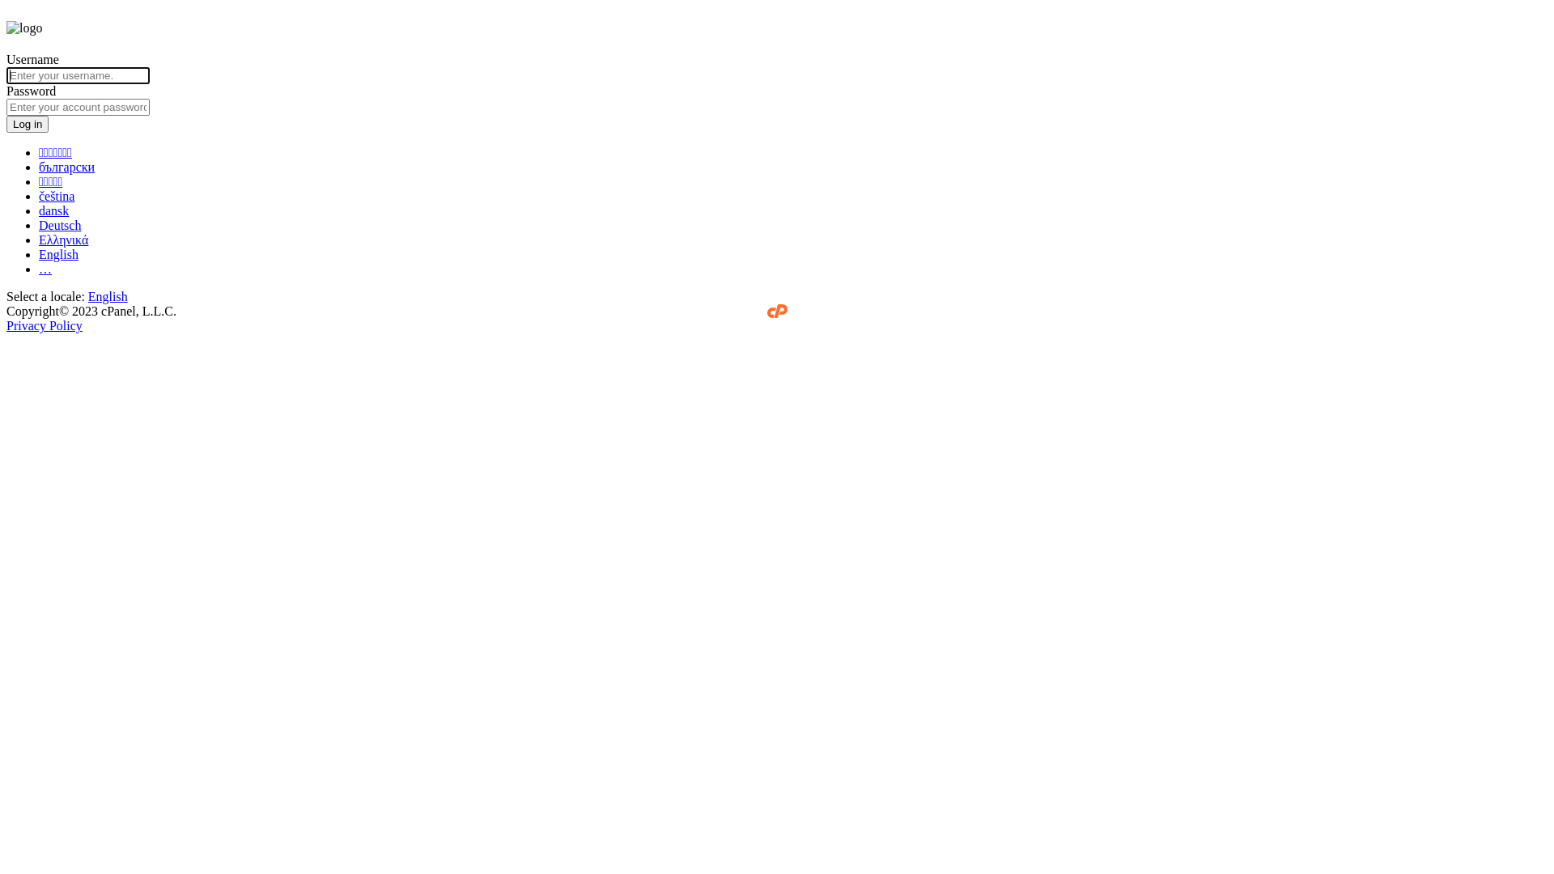 This screenshot has height=874, width=1554. Describe the element at coordinates (53, 210) in the screenshot. I see `'dansk'` at that location.